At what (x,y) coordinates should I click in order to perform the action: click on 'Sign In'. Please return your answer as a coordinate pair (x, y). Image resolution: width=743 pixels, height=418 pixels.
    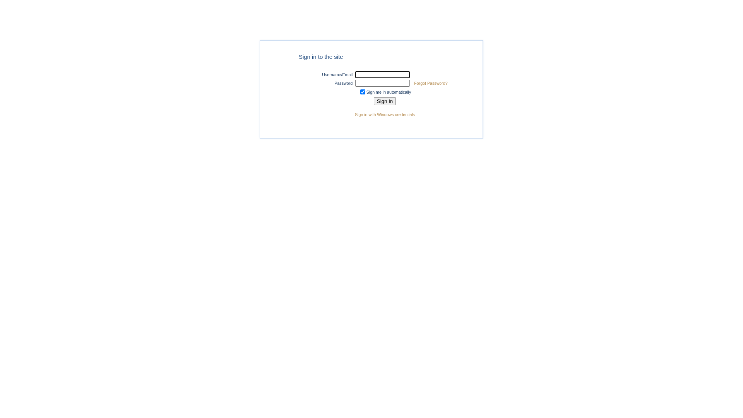
    Looking at the image, I should click on (385, 101).